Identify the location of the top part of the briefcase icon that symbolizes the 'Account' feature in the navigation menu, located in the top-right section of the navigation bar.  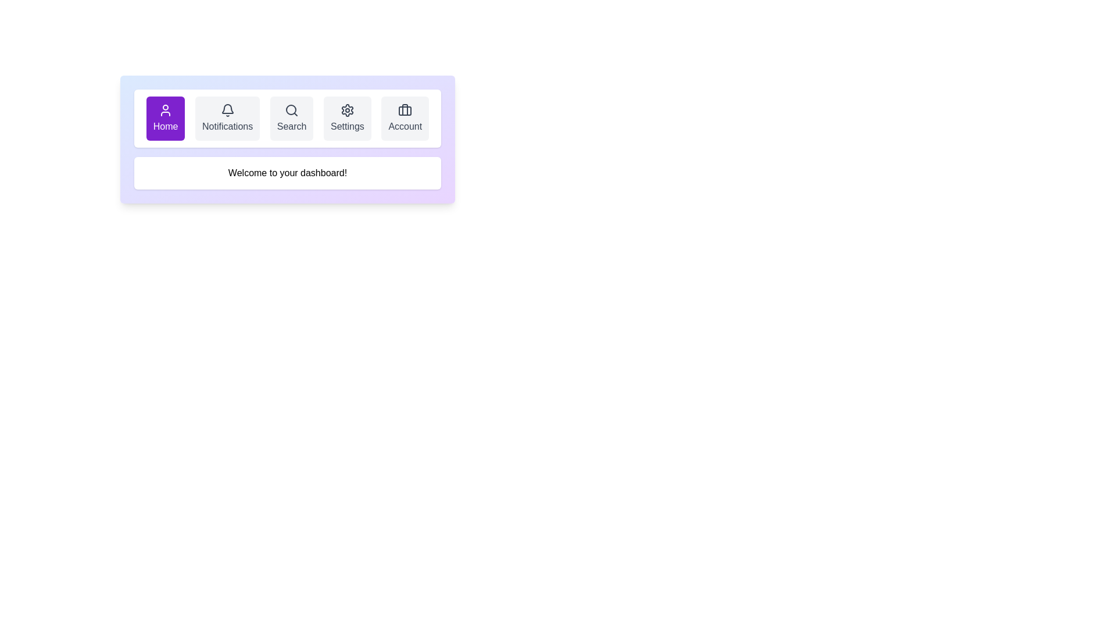
(405, 110).